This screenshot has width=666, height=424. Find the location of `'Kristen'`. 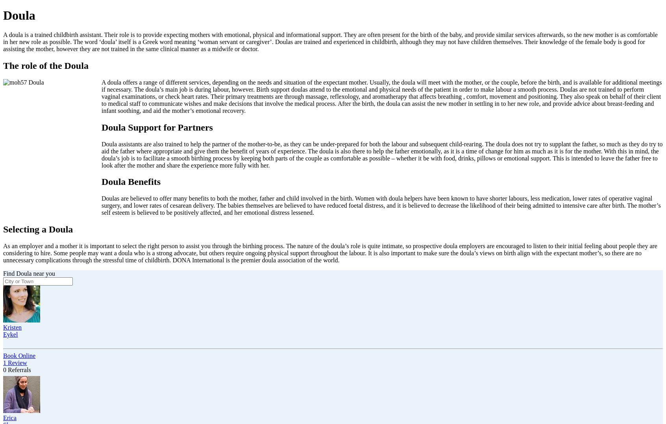

'Kristen' is located at coordinates (12, 327).